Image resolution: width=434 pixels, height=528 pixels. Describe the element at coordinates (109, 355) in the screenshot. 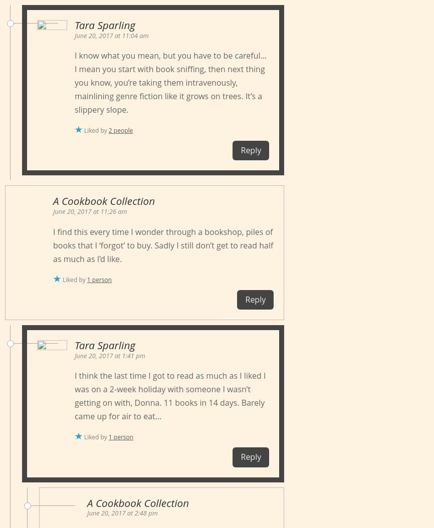

I see `'June 20, 2017 at 1:41 pm'` at that location.